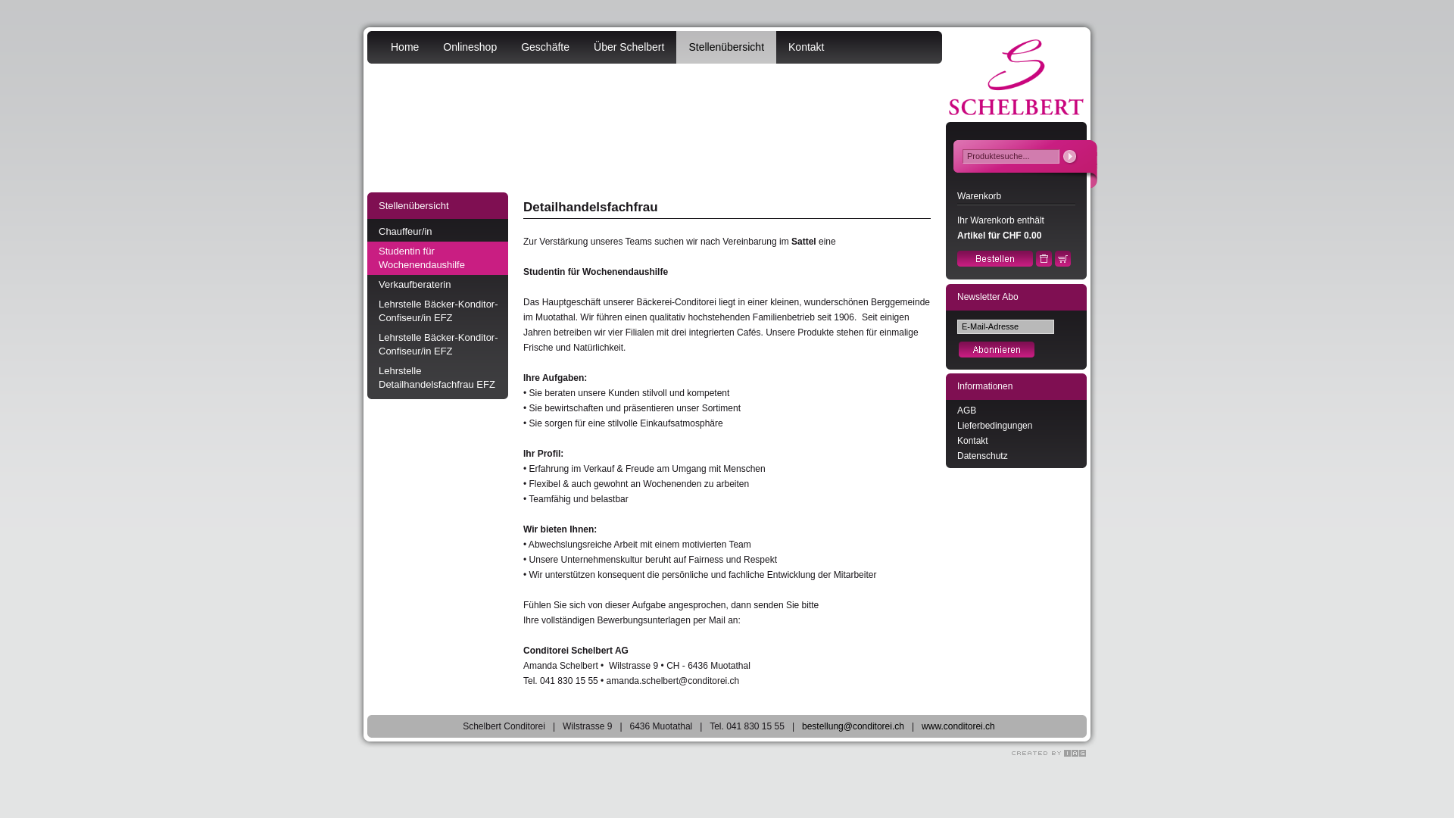  I want to click on 'Warenkorb Ansicht...', so click(1062, 262).